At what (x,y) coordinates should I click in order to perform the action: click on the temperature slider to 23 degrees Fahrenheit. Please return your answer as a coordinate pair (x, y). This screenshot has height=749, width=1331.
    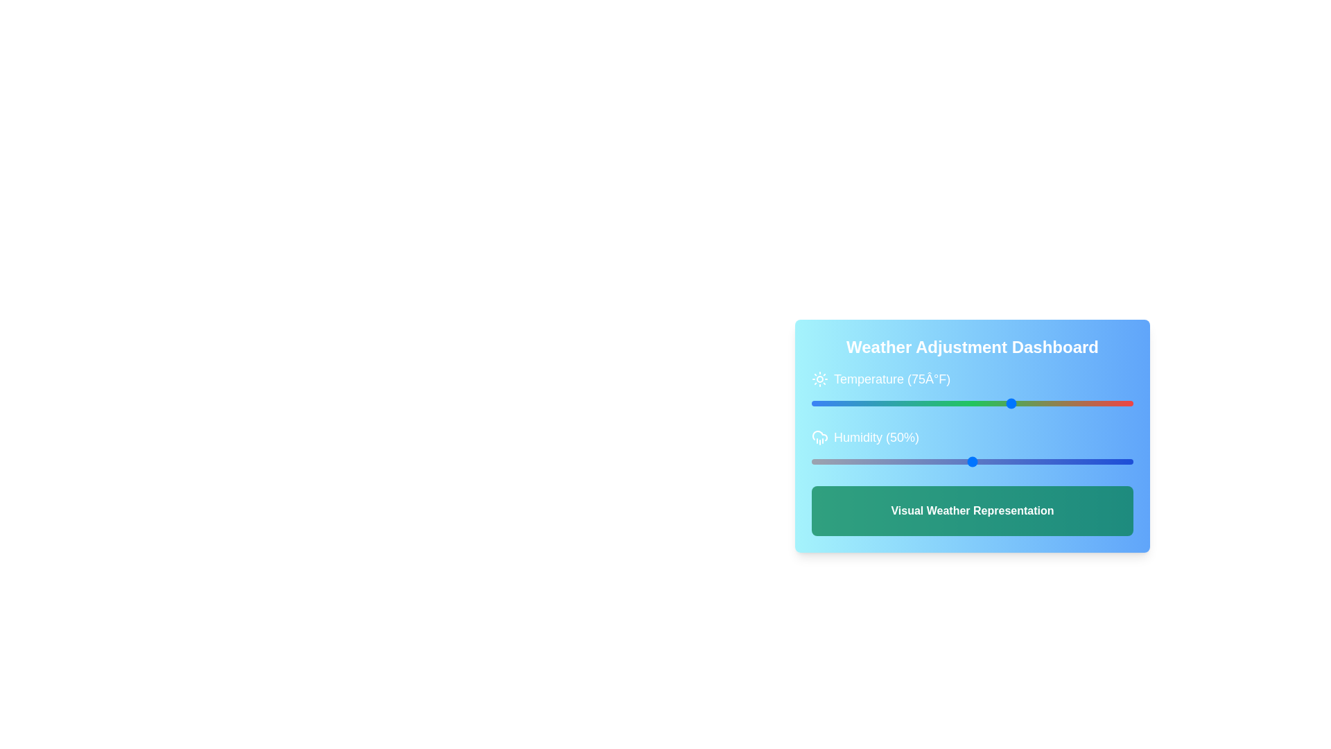
    Looking at the image, I should click on (929, 404).